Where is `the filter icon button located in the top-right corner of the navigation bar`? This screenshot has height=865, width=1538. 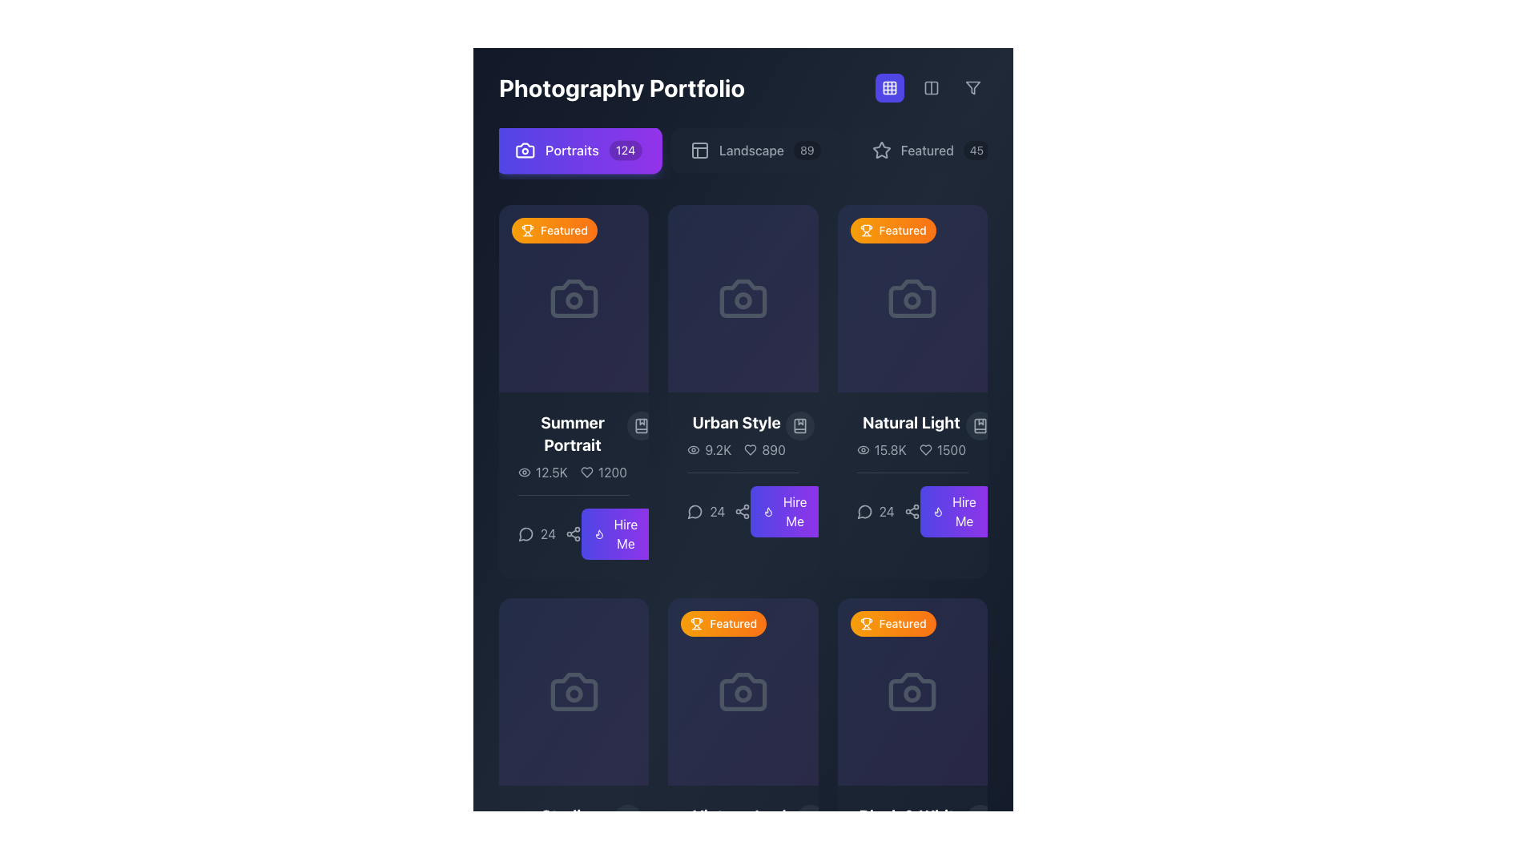 the filter icon button located in the top-right corner of the navigation bar is located at coordinates (972, 88).